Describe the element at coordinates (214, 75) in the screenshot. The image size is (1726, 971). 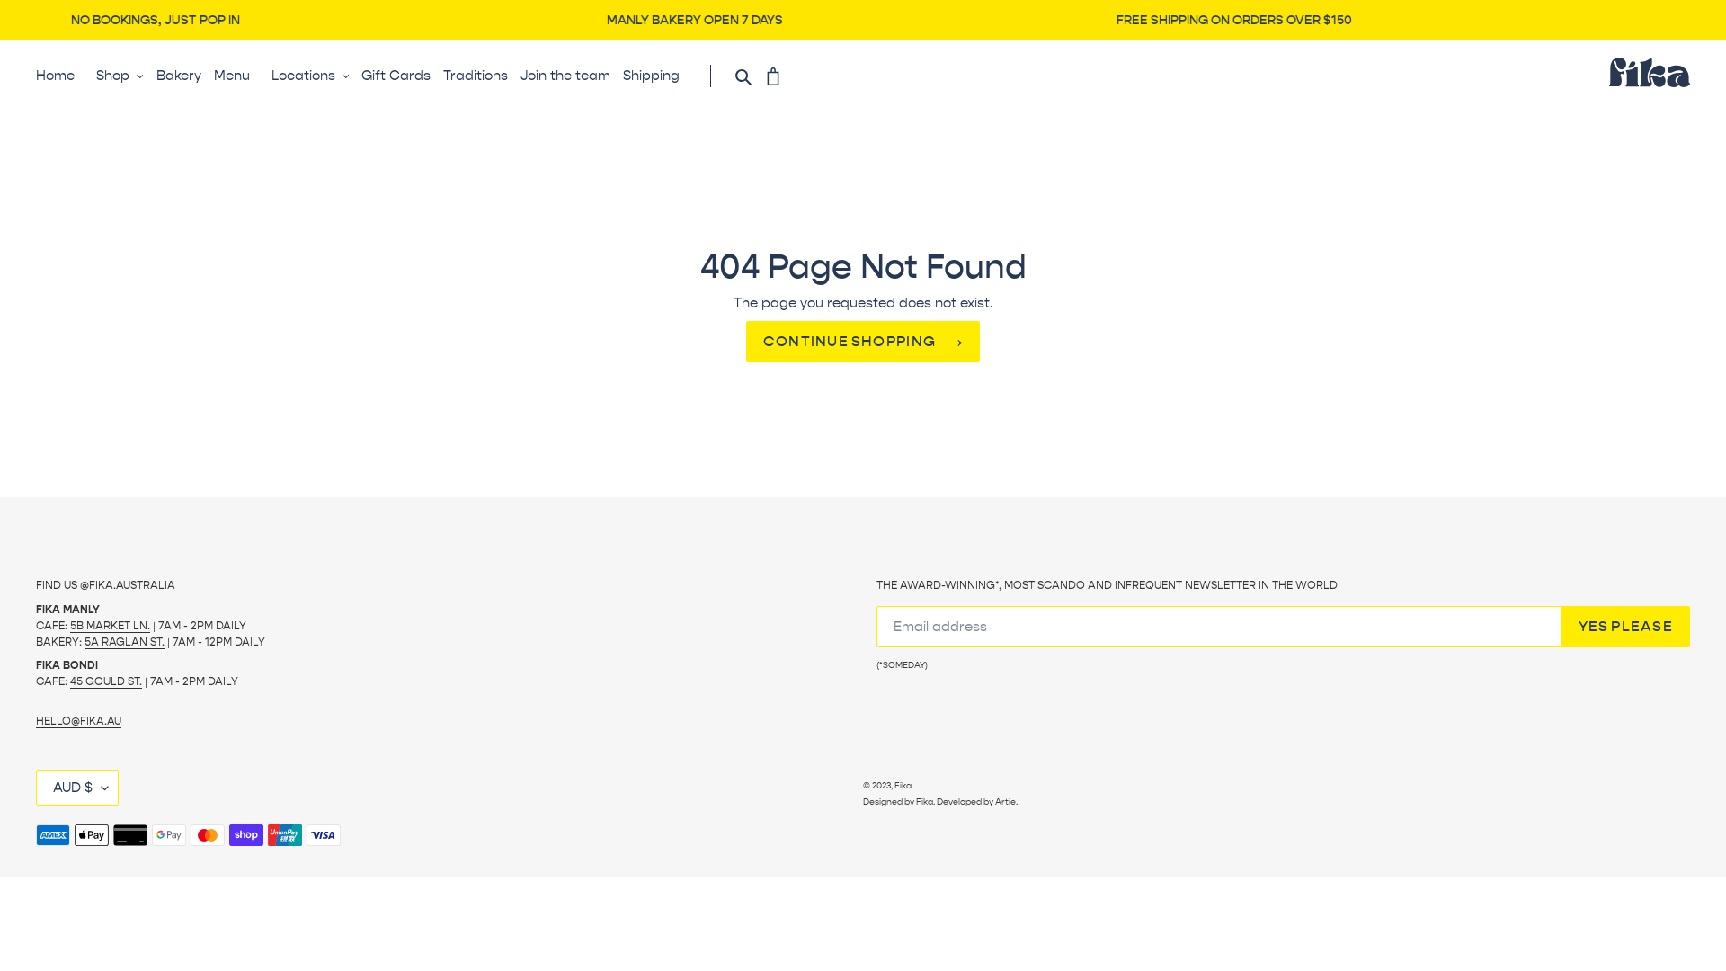
I see `'Menu'` at that location.